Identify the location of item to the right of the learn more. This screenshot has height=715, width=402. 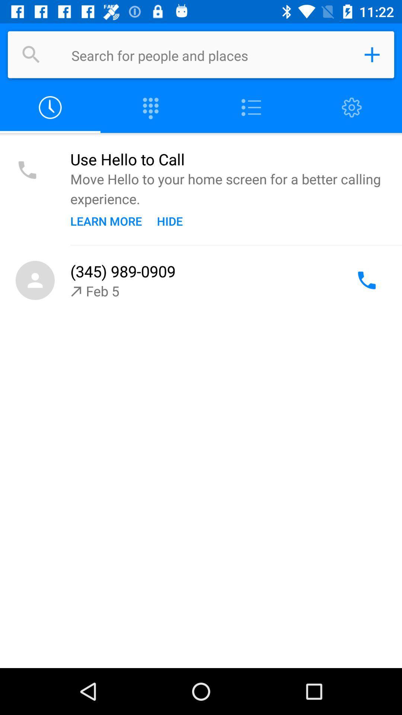
(170, 220).